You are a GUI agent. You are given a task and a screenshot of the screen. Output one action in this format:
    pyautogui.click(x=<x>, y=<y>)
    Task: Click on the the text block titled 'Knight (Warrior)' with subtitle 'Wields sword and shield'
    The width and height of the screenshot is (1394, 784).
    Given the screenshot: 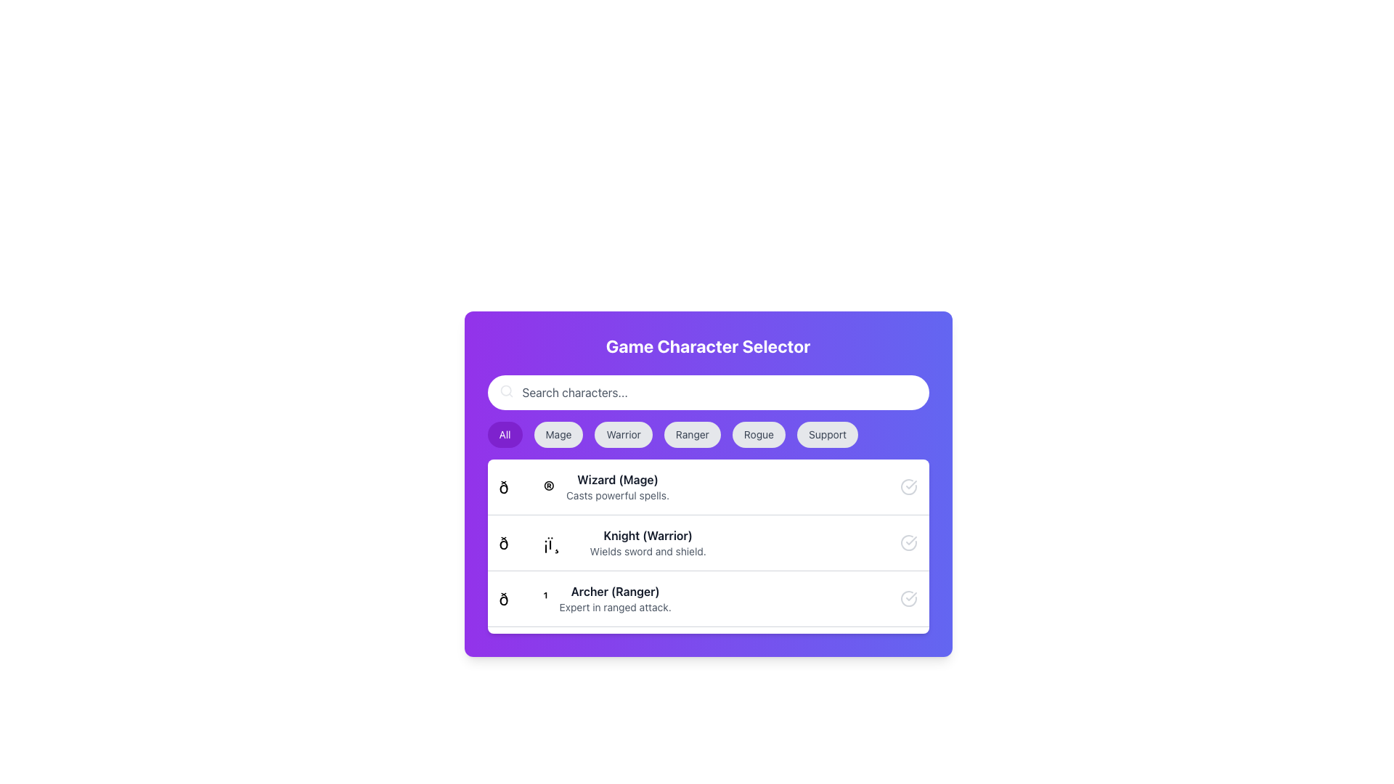 What is the action you would take?
    pyautogui.click(x=647, y=543)
    